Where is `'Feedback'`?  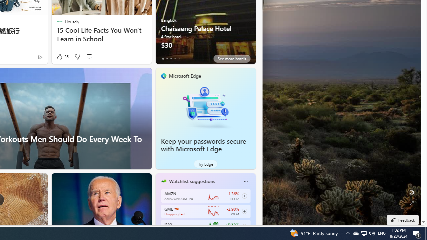 'Feedback' is located at coordinates (402, 220).